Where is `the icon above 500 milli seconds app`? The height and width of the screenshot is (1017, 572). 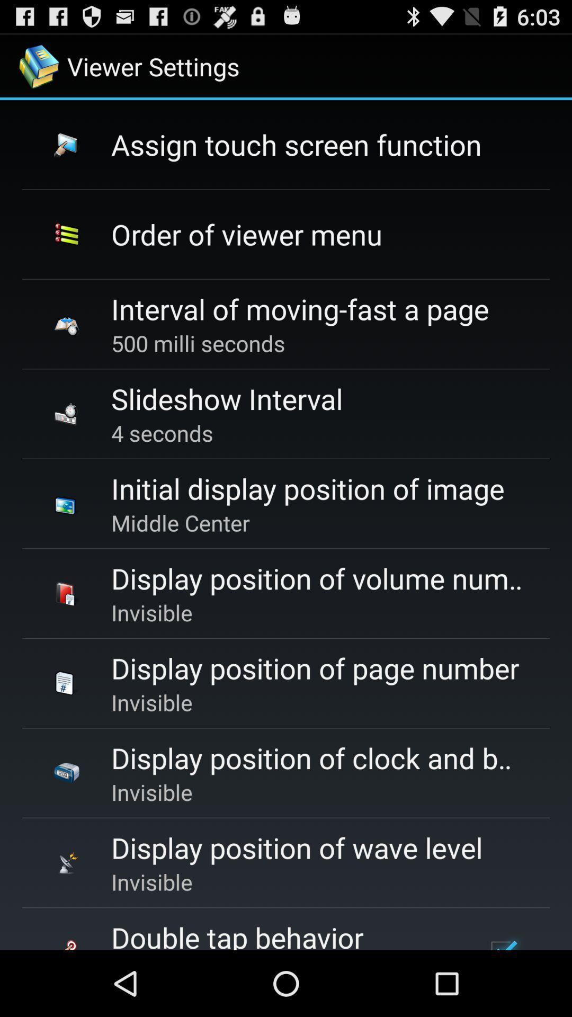 the icon above 500 milli seconds app is located at coordinates (300, 308).